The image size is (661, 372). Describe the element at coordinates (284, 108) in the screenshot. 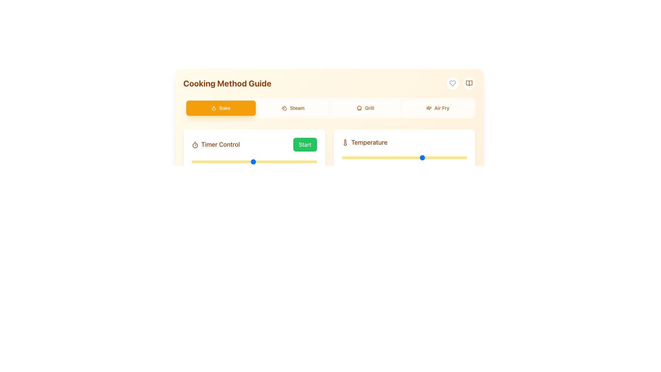

I see `the droplet-shaped graphical icon located to the left of the 'Steam' button in the 'Cooking Method Guide' section` at that location.